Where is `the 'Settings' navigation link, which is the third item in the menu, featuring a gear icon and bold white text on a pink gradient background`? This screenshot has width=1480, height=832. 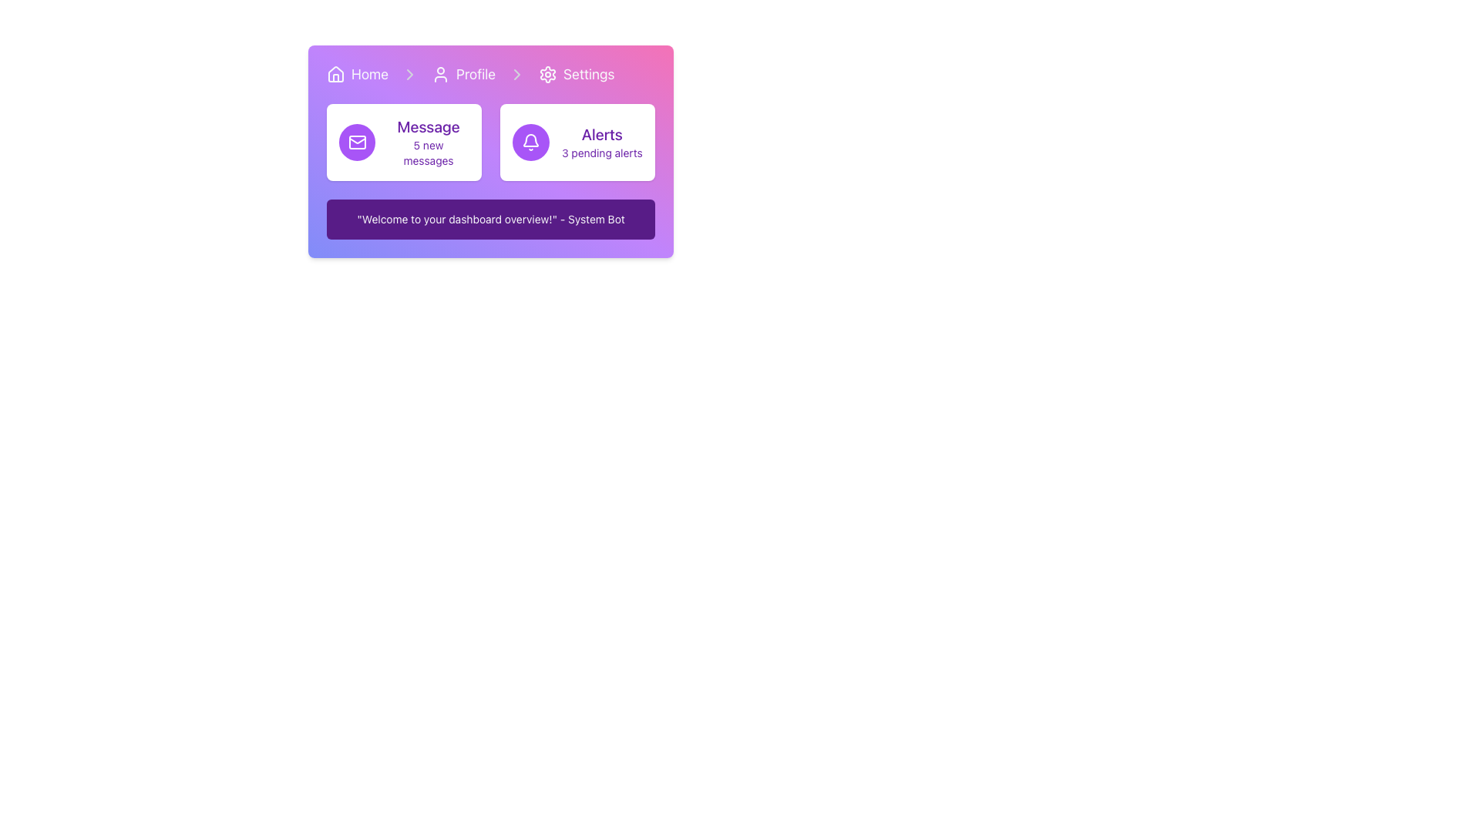 the 'Settings' navigation link, which is the third item in the menu, featuring a gear icon and bold white text on a pink gradient background is located at coordinates (576, 74).